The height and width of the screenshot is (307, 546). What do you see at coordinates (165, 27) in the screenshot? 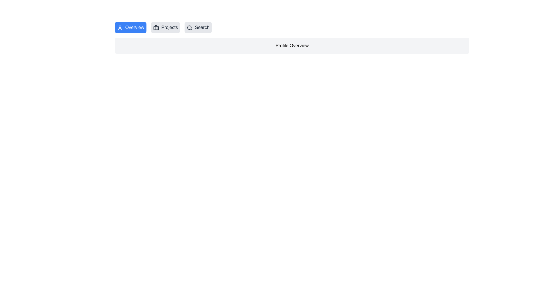
I see `the tab labeled Projects to observe its hover effect` at bounding box center [165, 27].